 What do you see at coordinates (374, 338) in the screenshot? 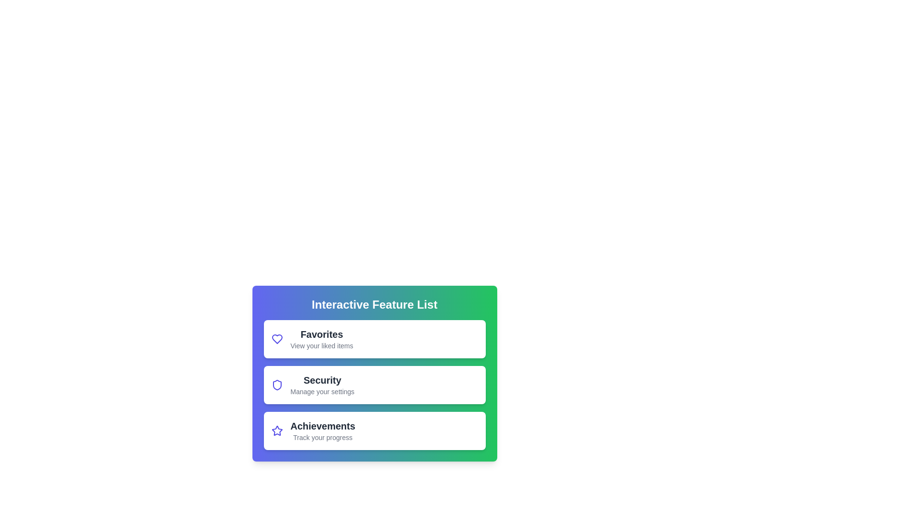
I see `the feature item Favorites to observe its hover effect` at bounding box center [374, 338].